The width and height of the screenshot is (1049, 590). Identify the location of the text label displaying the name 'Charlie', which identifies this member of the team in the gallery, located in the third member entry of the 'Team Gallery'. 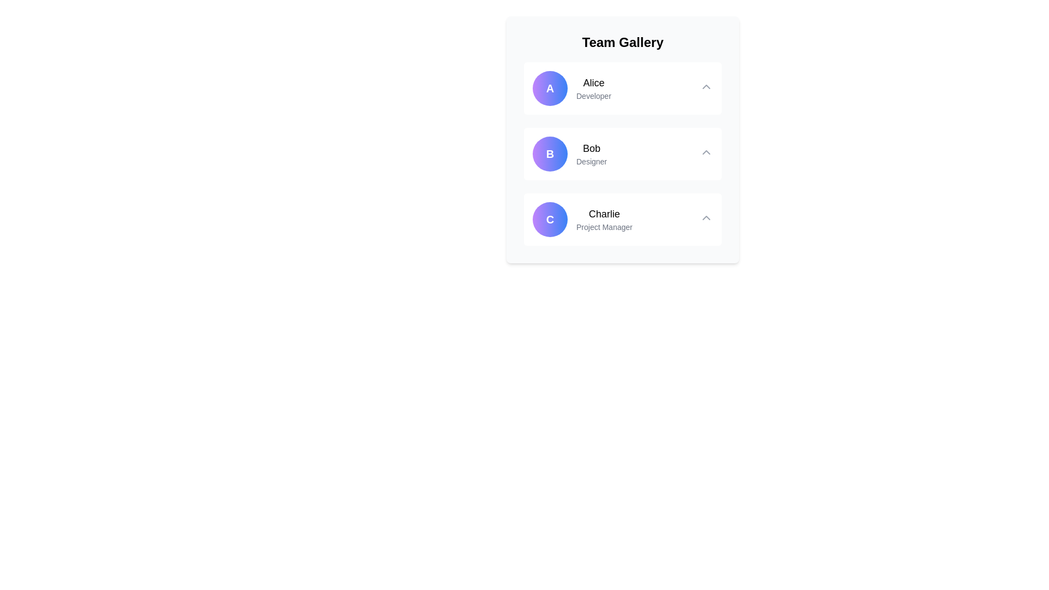
(604, 214).